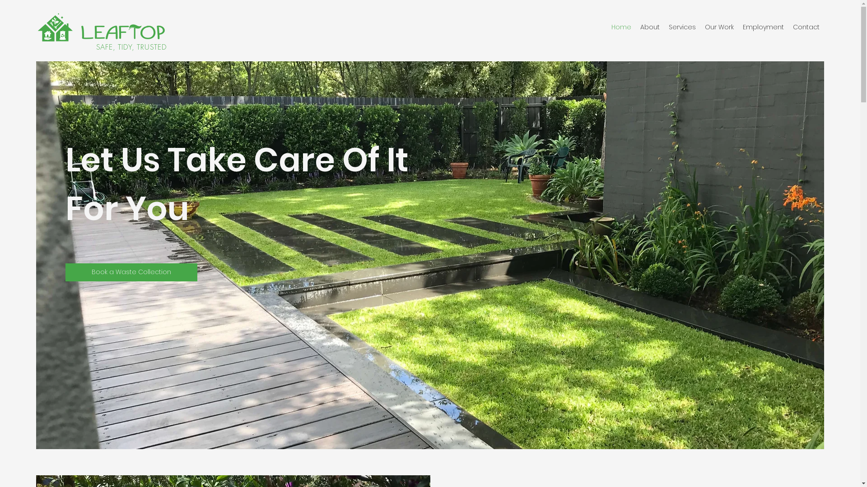 The width and height of the screenshot is (867, 487). Describe the element at coordinates (682, 27) in the screenshot. I see `'Services'` at that location.